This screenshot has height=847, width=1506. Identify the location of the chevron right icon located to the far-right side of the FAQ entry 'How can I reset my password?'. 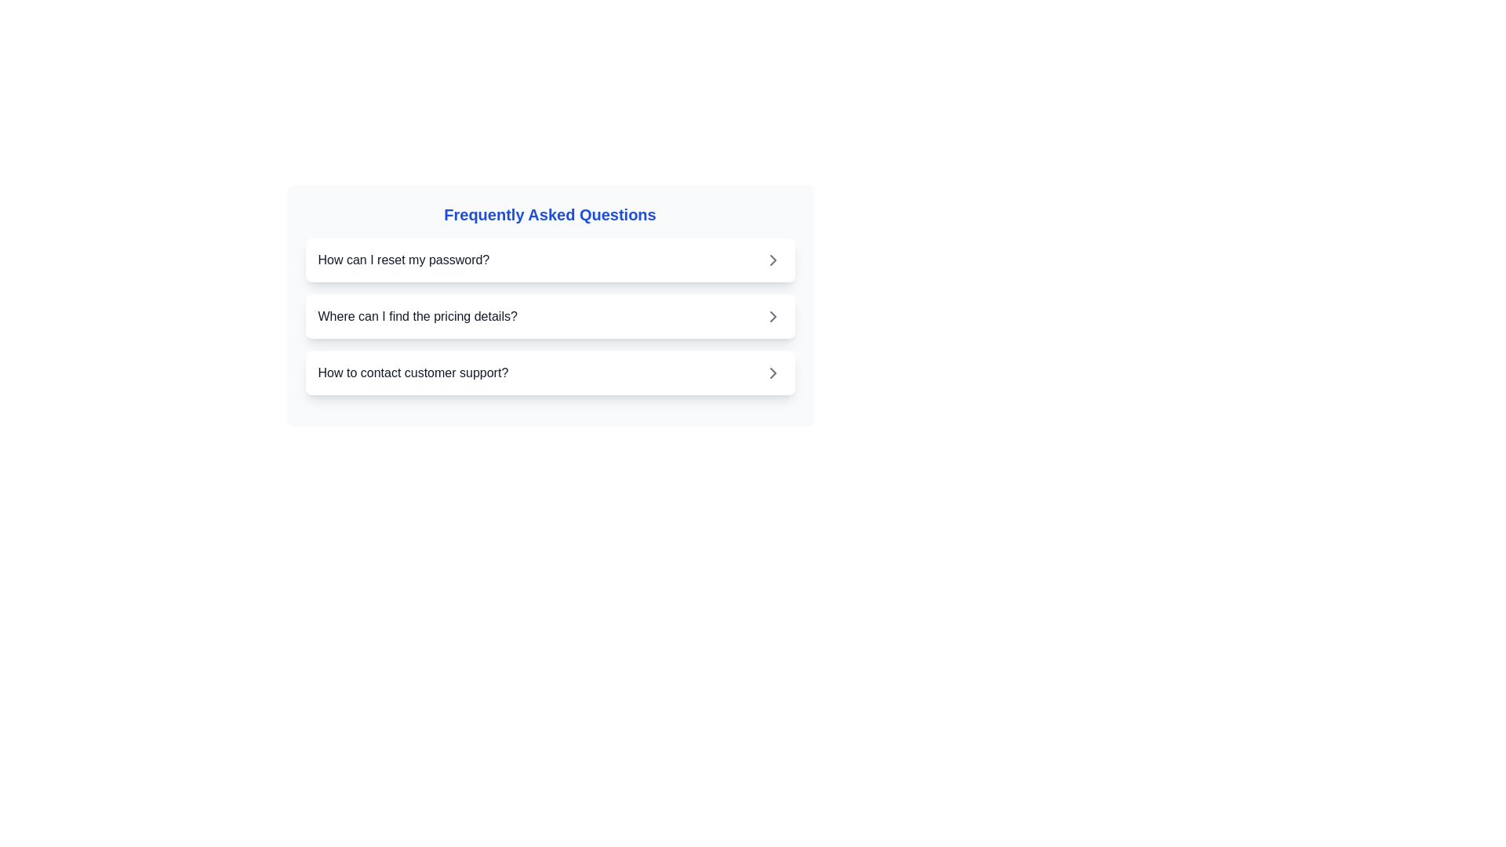
(773, 259).